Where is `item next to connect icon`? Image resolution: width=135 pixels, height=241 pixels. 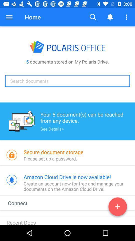
item next to connect icon is located at coordinates (117, 208).